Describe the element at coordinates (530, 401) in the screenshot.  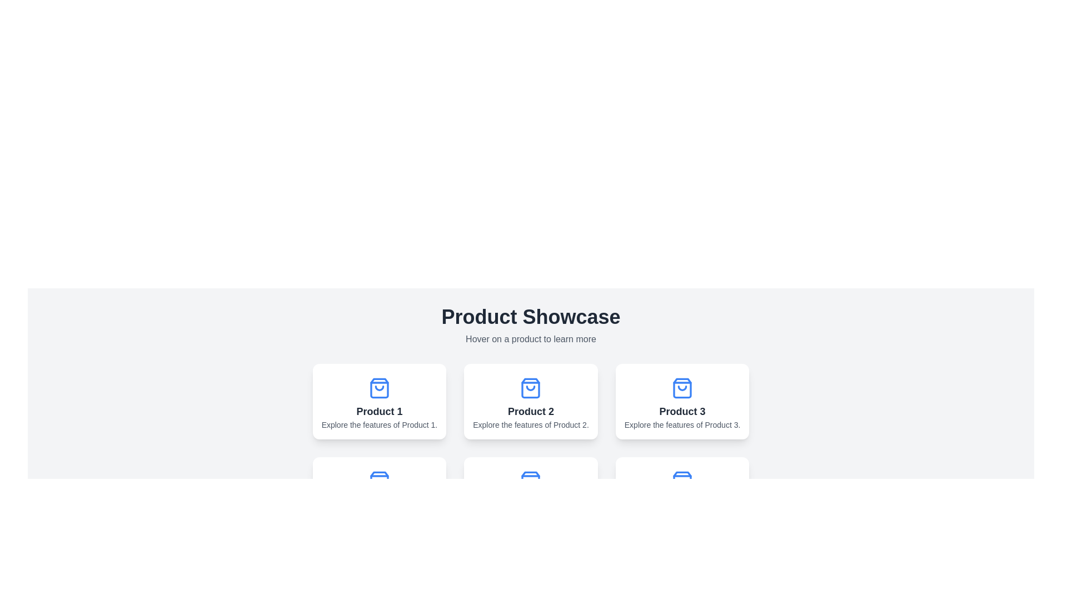
I see `the Interactive card representing 'Product 2'` at that location.